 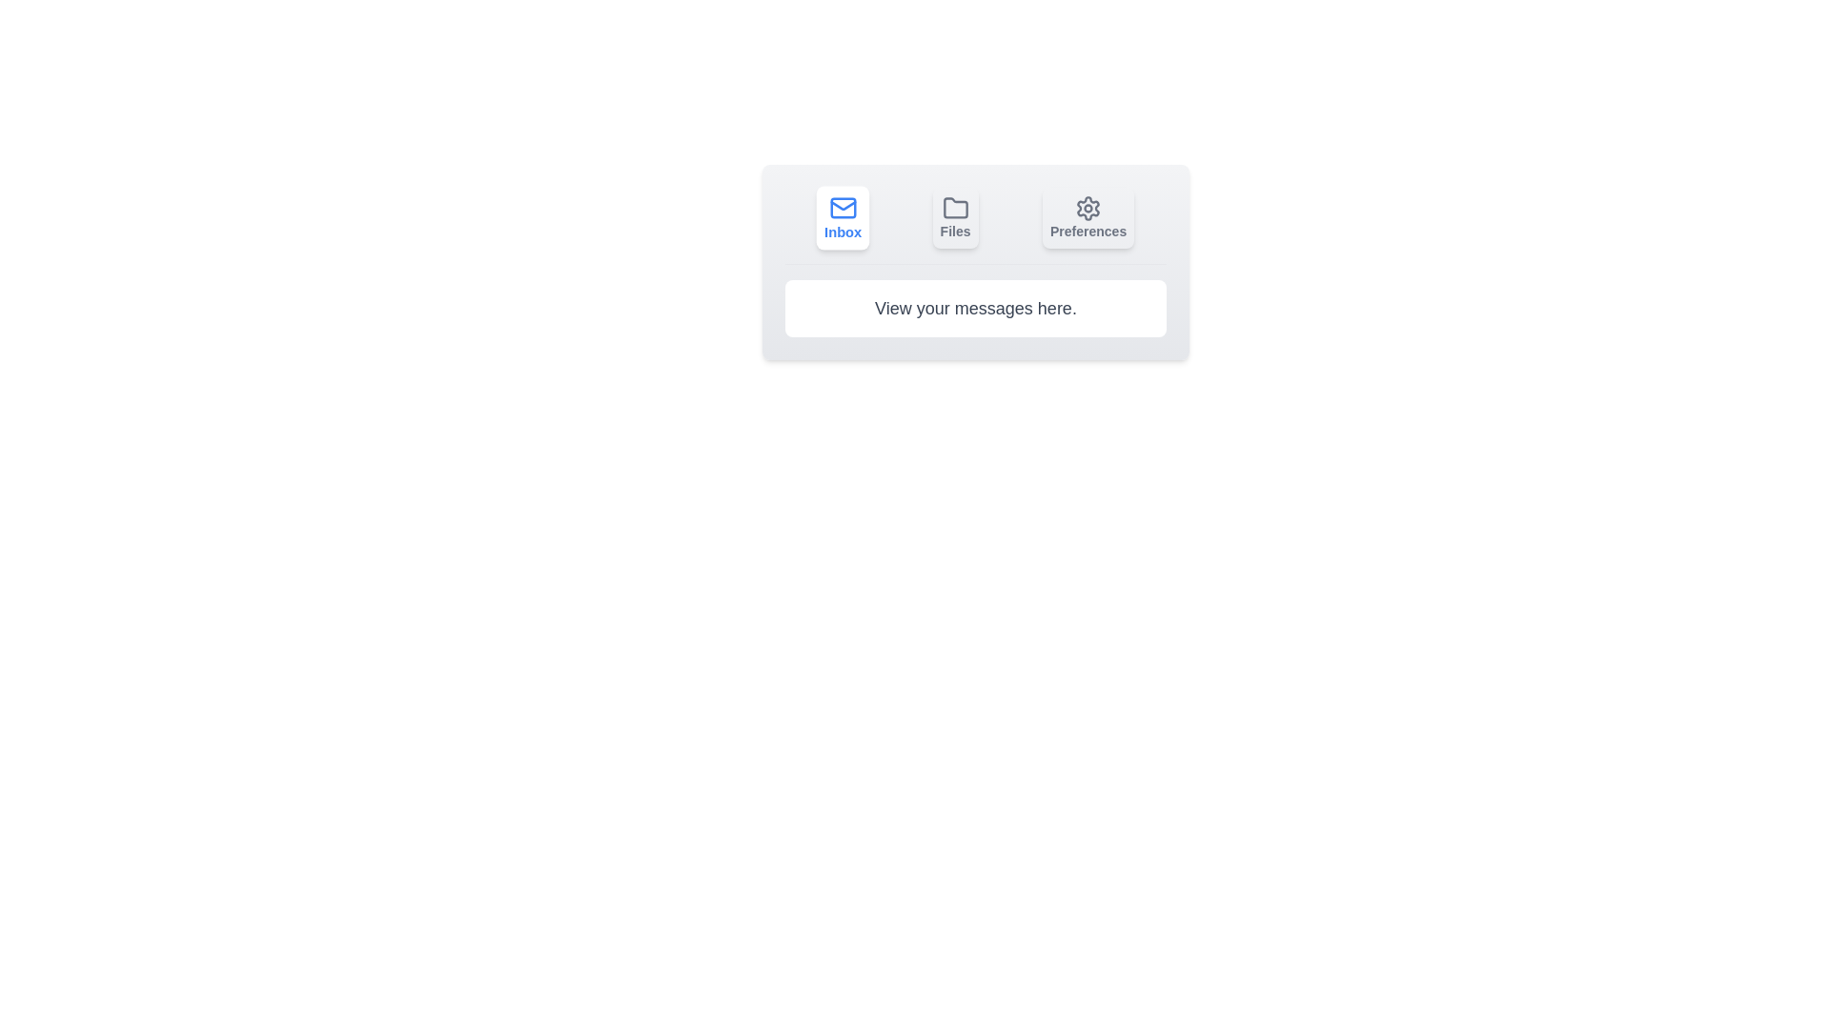 What do you see at coordinates (955, 231) in the screenshot?
I see `the 'Files' label, which is a textual label displayed in a dark font on a light background, located beneath a folder icon and is the second item in a group of three options (Inbox, Files, Preferences)` at bounding box center [955, 231].